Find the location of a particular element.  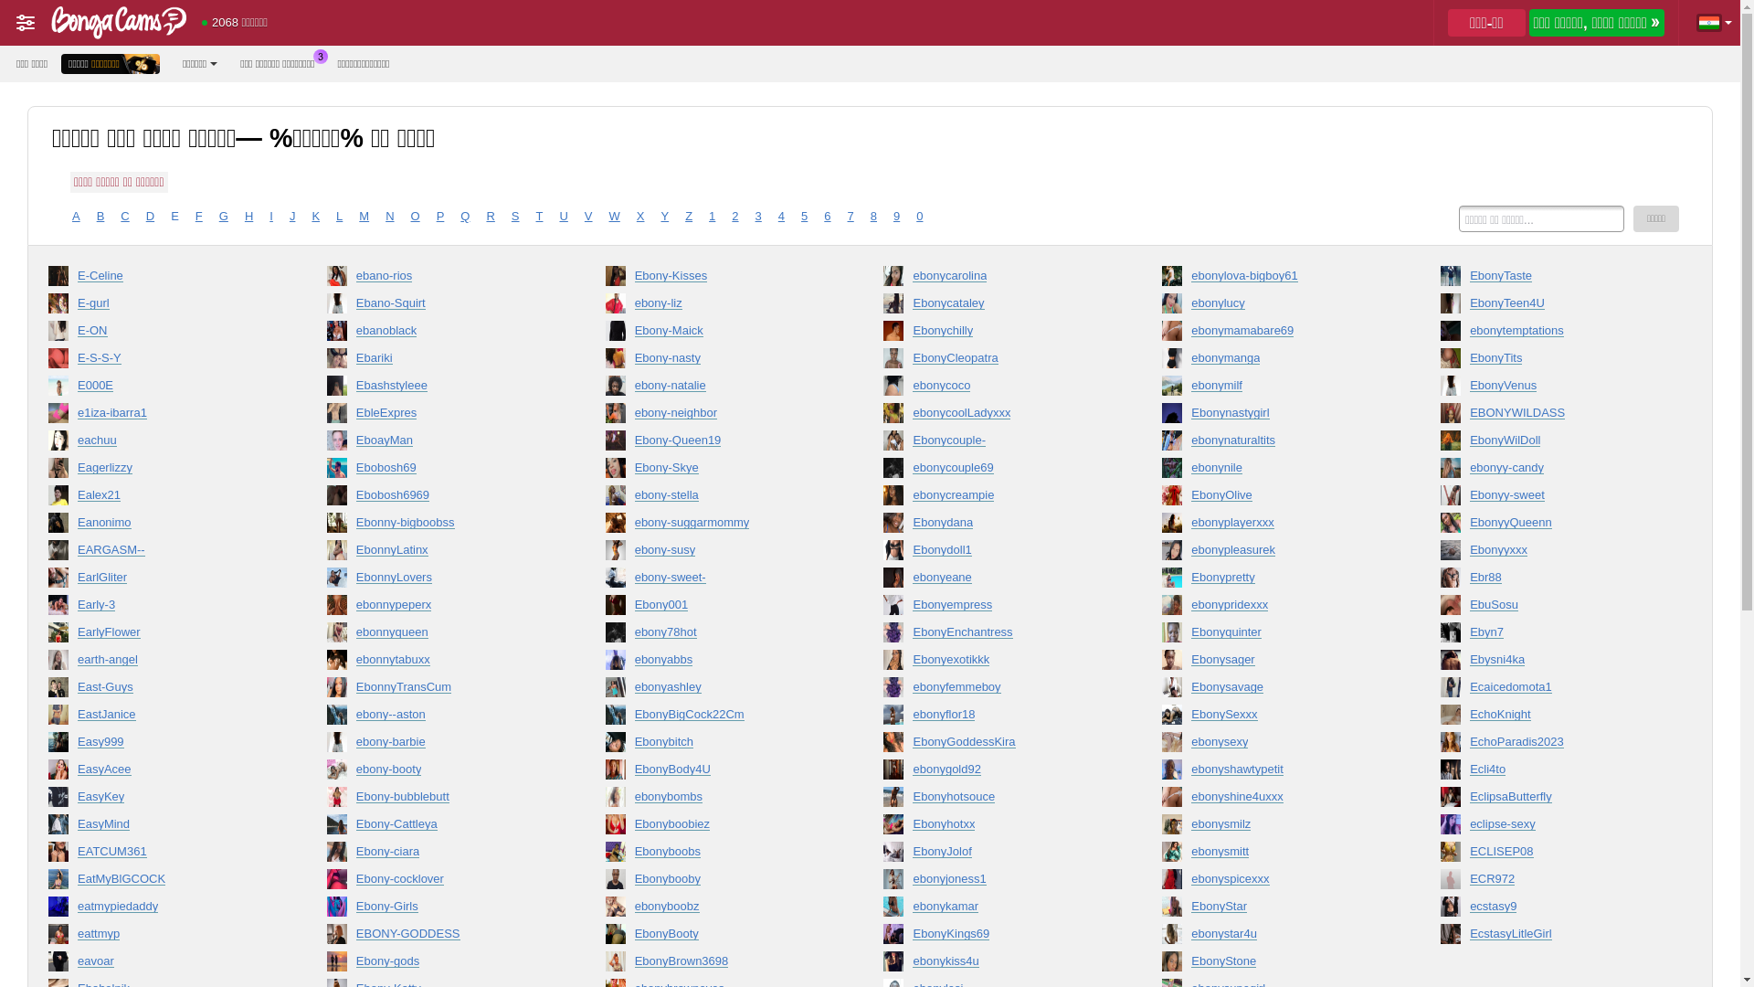

'ebony-neighbor' is located at coordinates (718, 416).